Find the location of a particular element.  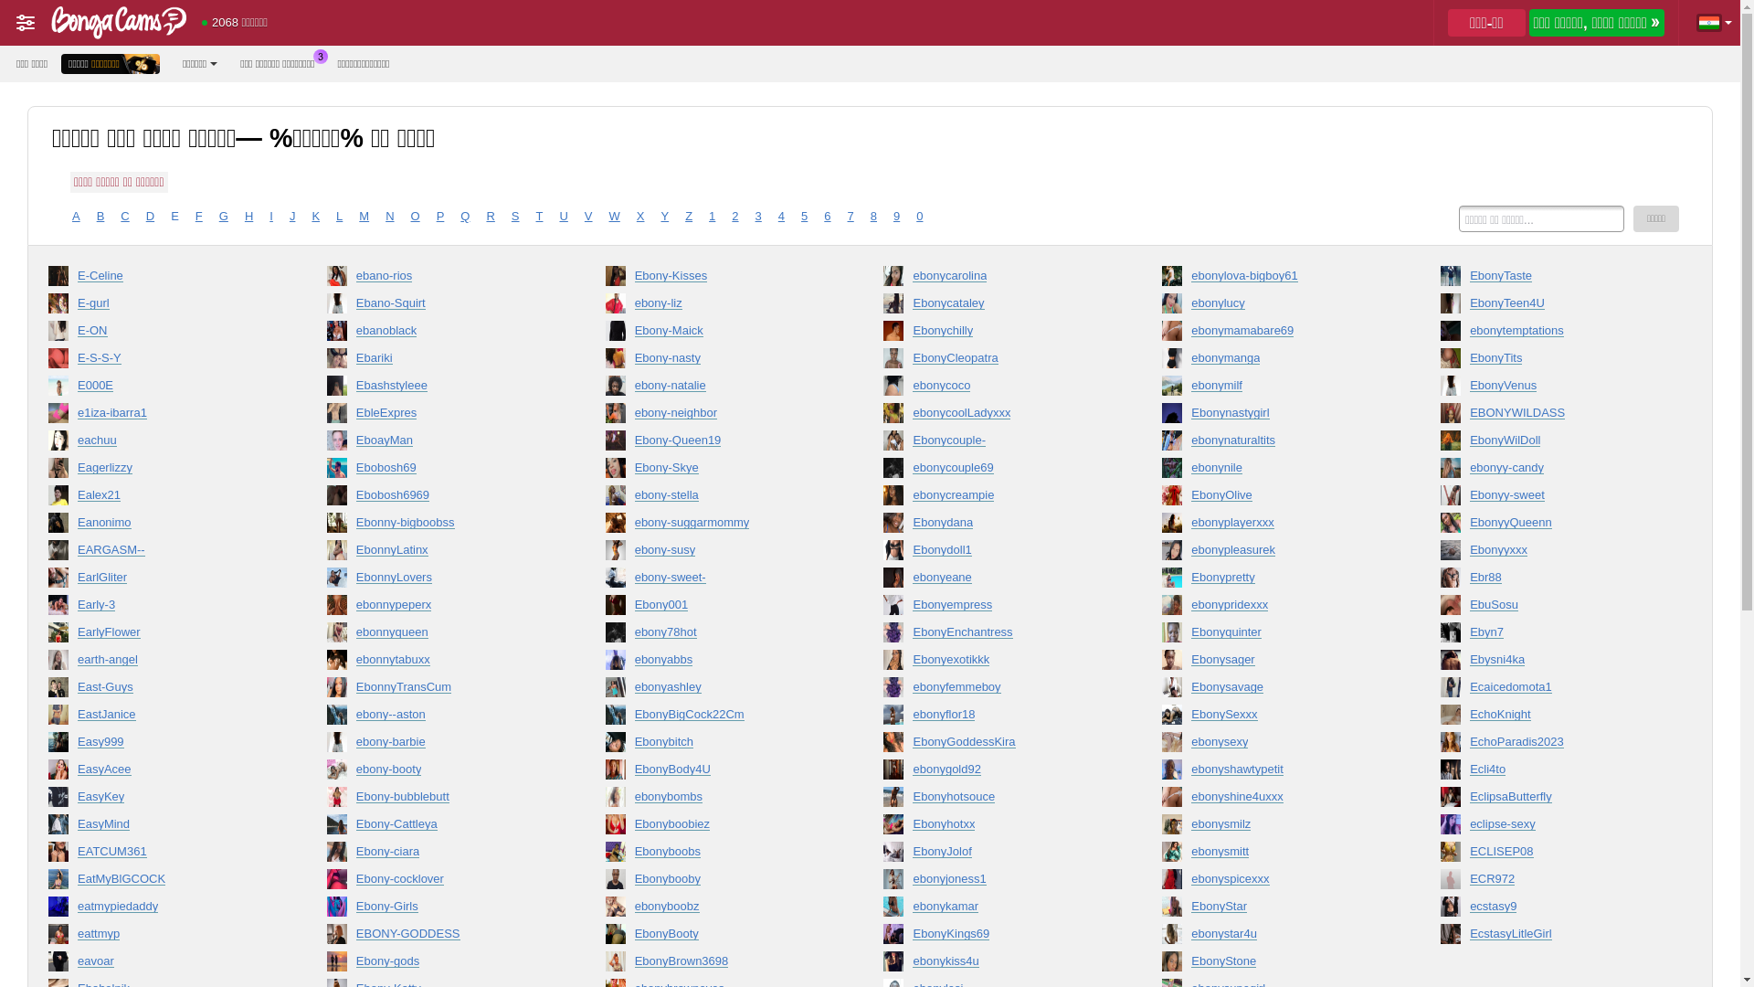

'ebony-neighbor' is located at coordinates (718, 416).